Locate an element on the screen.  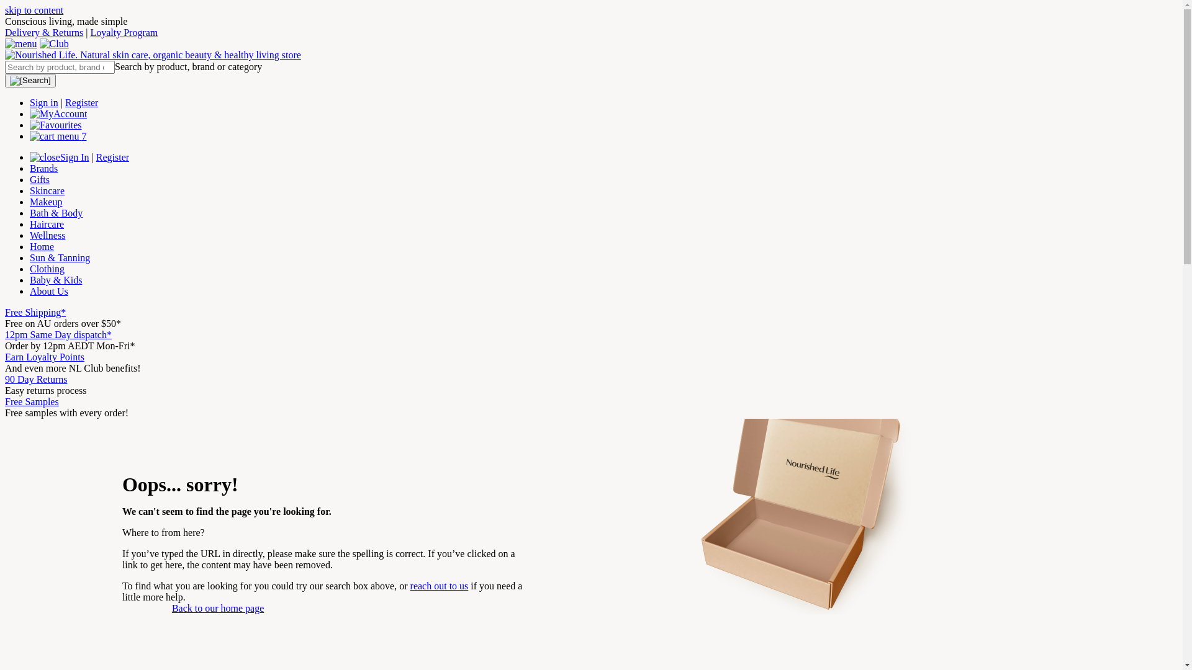
'Earn Loyalty Points' is located at coordinates (45, 357).